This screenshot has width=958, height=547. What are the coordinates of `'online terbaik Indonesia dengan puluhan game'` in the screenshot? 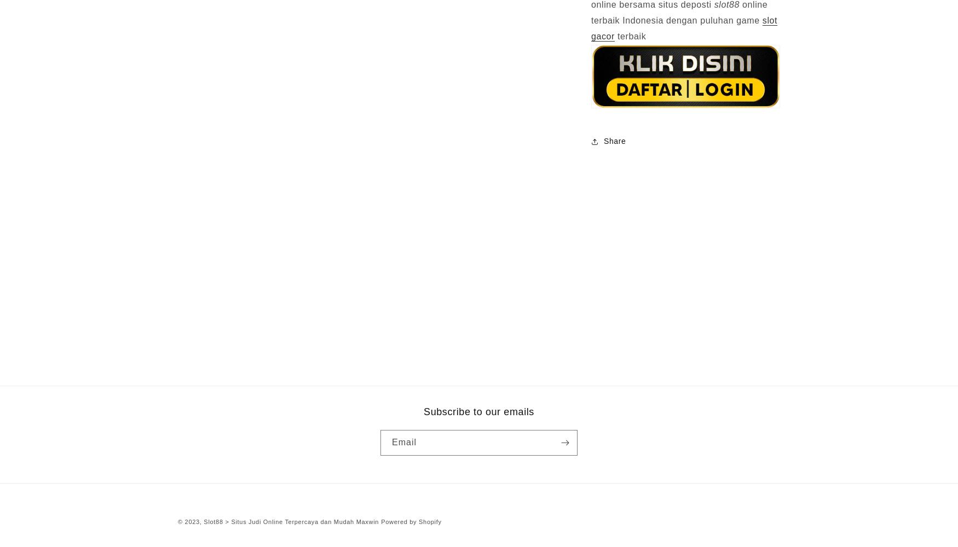 It's located at (679, 13).